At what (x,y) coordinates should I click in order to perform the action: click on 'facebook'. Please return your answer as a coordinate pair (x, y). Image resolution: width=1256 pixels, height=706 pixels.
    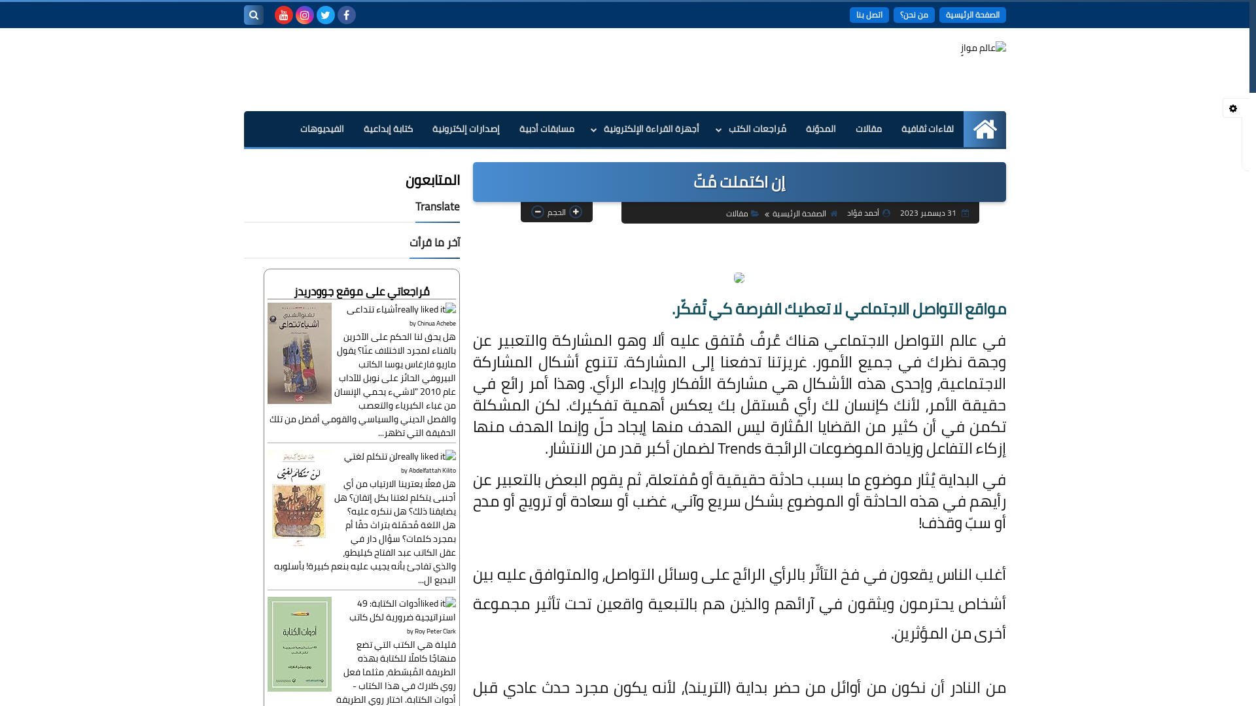
    Looking at the image, I should click on (346, 15).